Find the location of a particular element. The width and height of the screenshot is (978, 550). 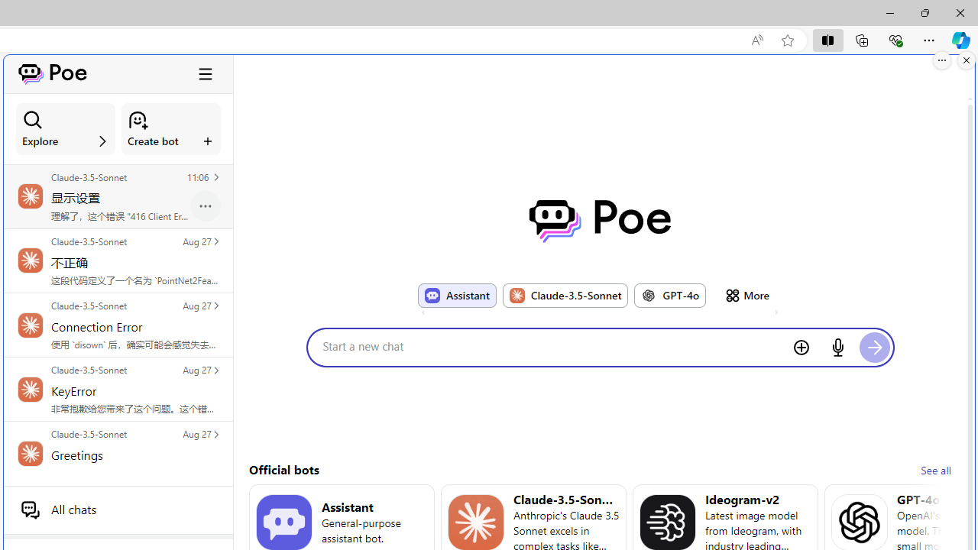

'Class: ToggleSidebarCollapseButton_hamburgerIcon__VuiyV' is located at coordinates (205, 73).